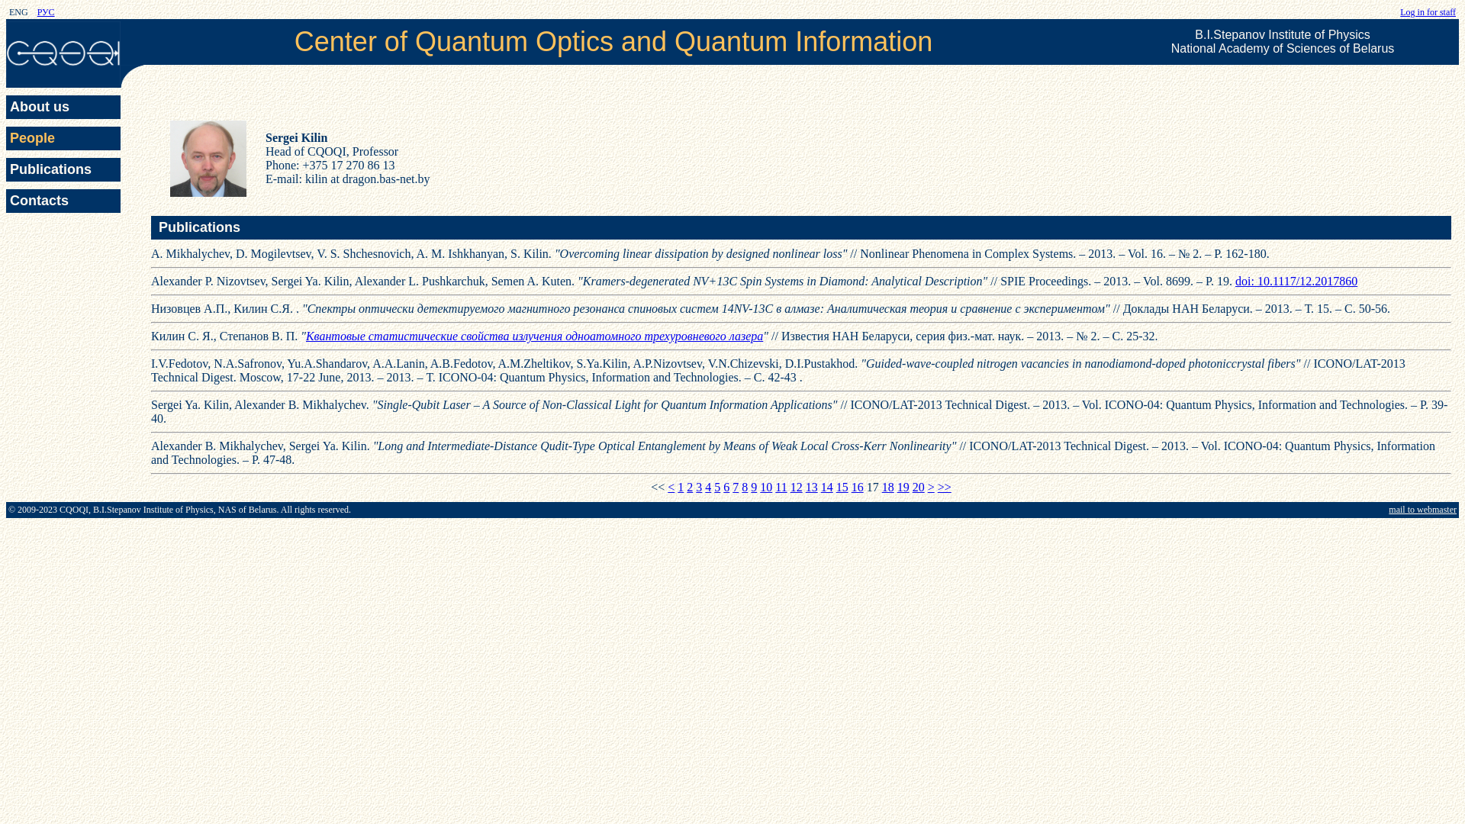  What do you see at coordinates (671, 487) in the screenshot?
I see `'<'` at bounding box center [671, 487].